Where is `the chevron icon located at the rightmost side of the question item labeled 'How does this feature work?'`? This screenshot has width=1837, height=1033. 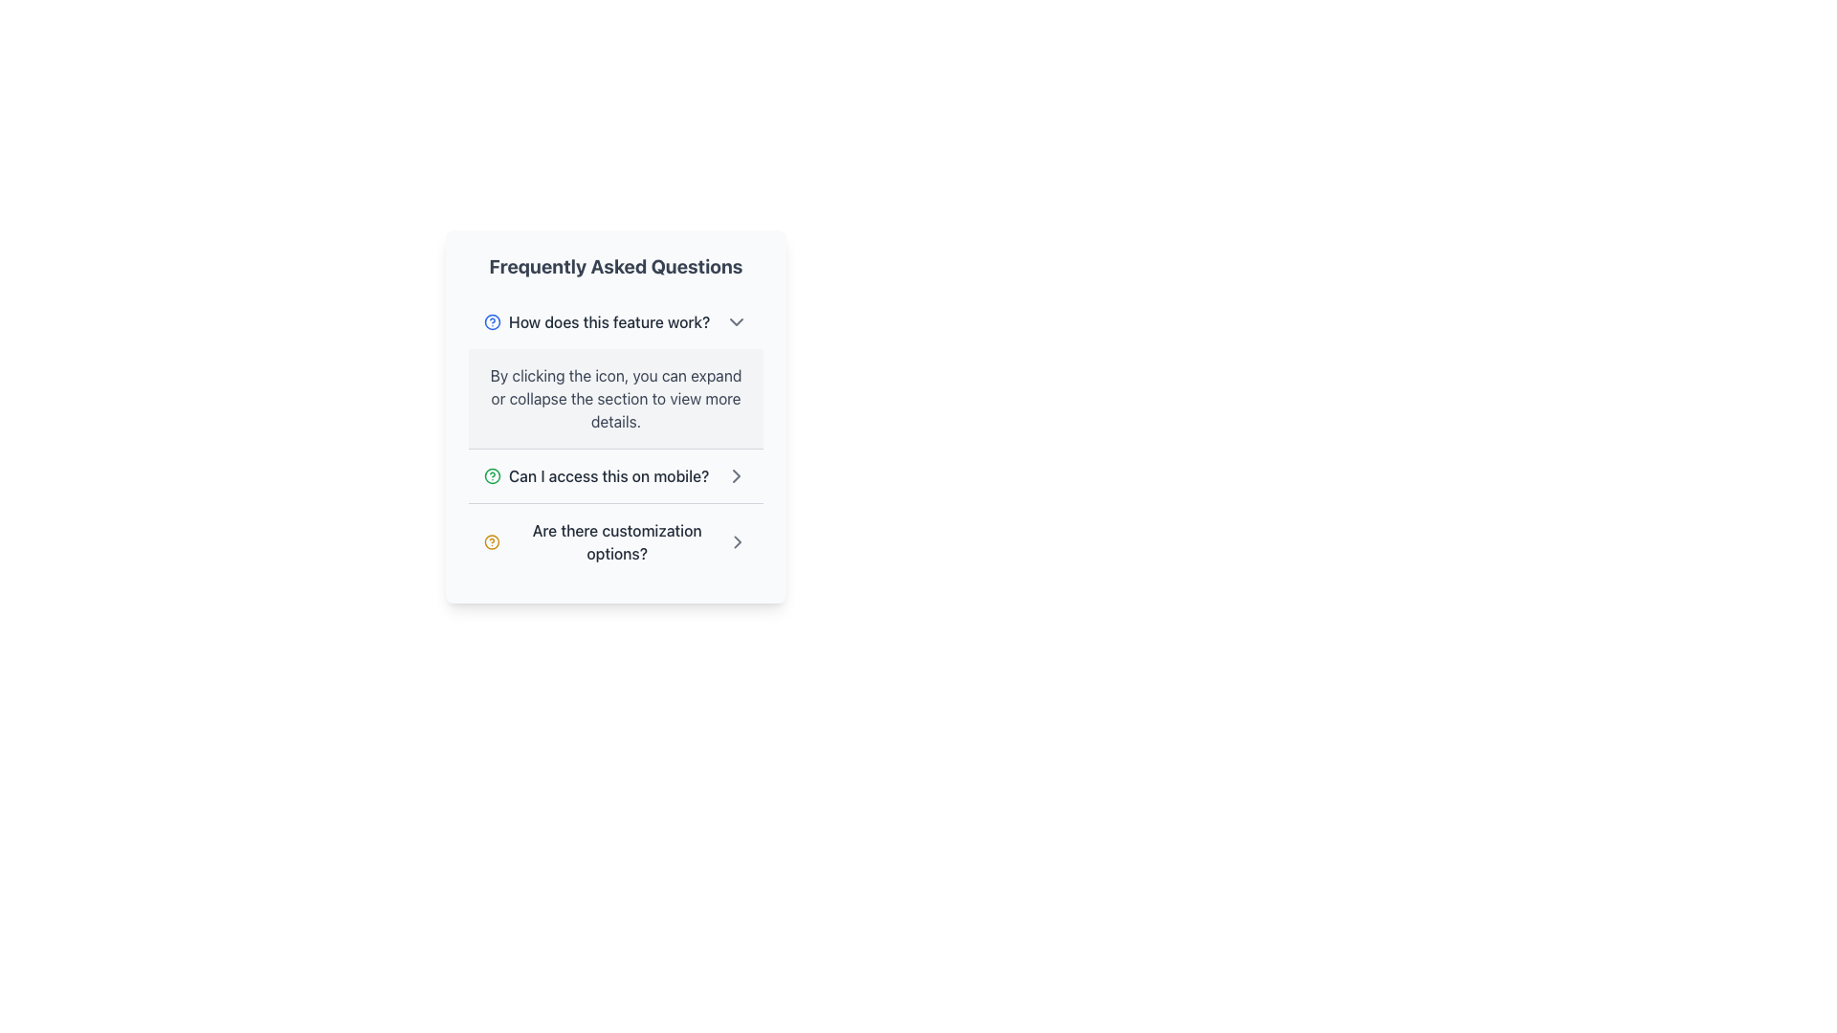
the chevron icon located at the rightmost side of the question item labeled 'How does this feature work?' is located at coordinates (735, 320).